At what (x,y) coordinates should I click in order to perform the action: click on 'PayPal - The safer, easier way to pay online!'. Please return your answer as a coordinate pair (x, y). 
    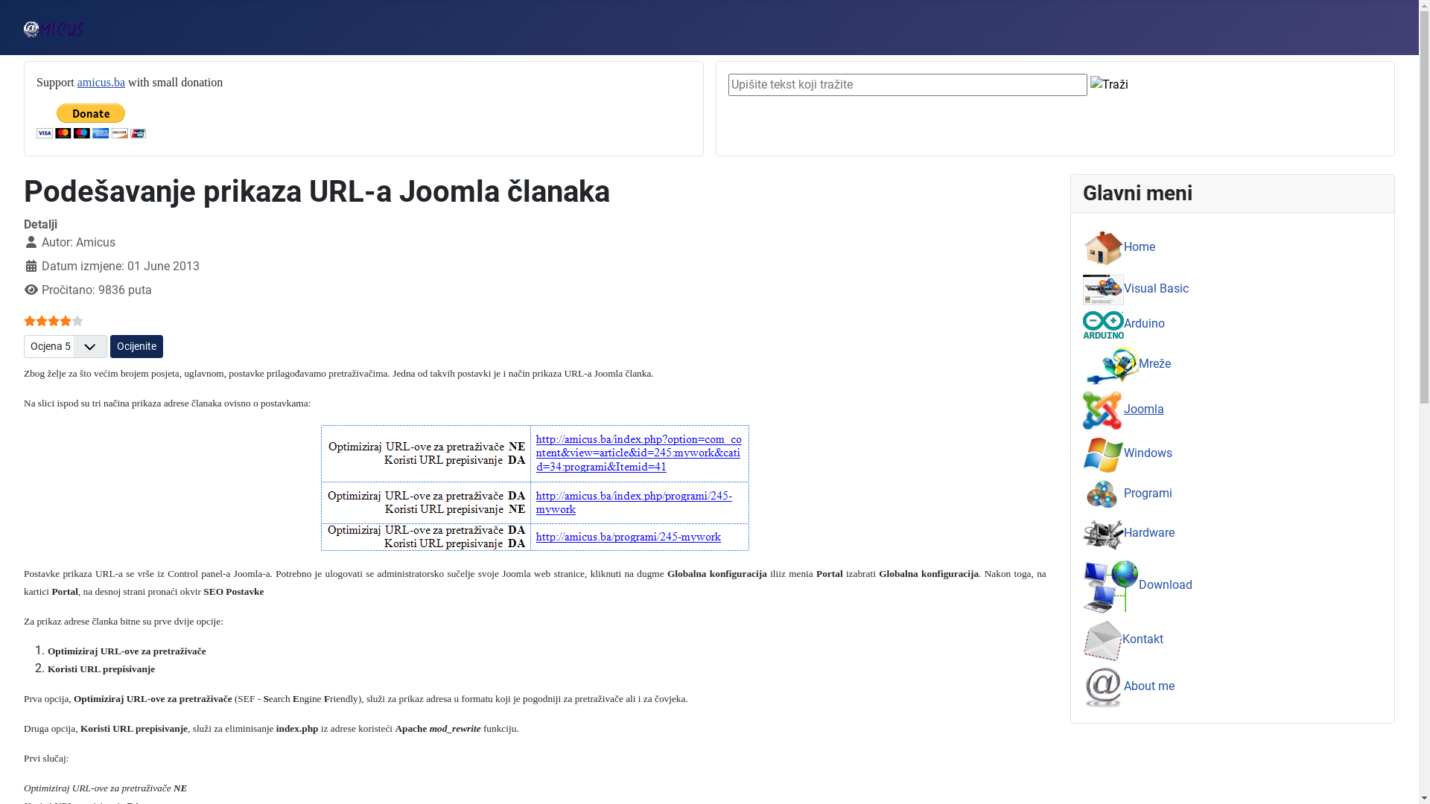
    Looking at the image, I should click on (90, 120).